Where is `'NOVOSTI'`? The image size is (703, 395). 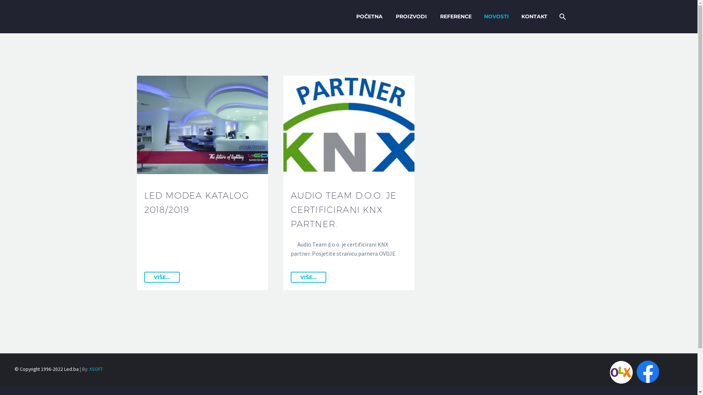
'NOVOSTI' is located at coordinates (496, 16).